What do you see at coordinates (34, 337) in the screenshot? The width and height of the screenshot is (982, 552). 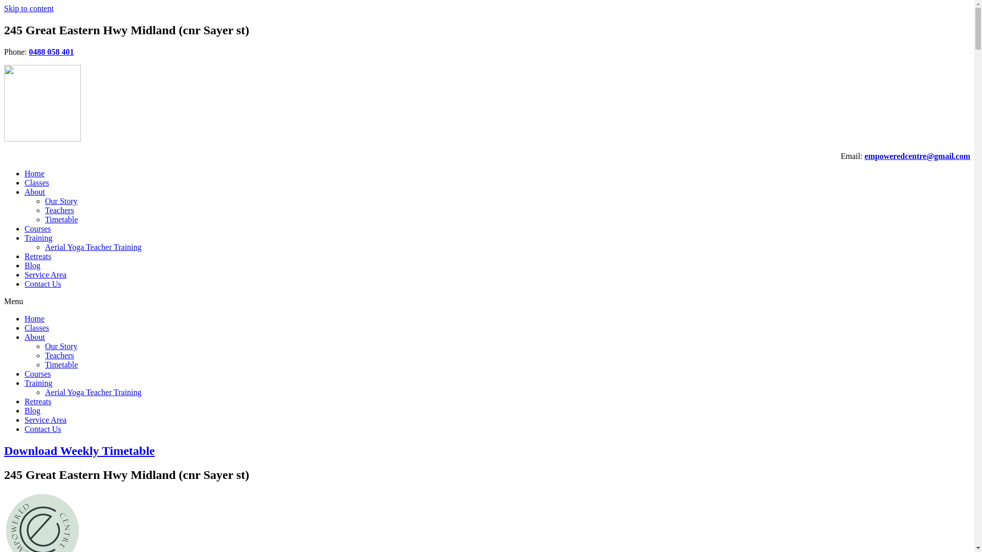 I see `'About'` at bounding box center [34, 337].